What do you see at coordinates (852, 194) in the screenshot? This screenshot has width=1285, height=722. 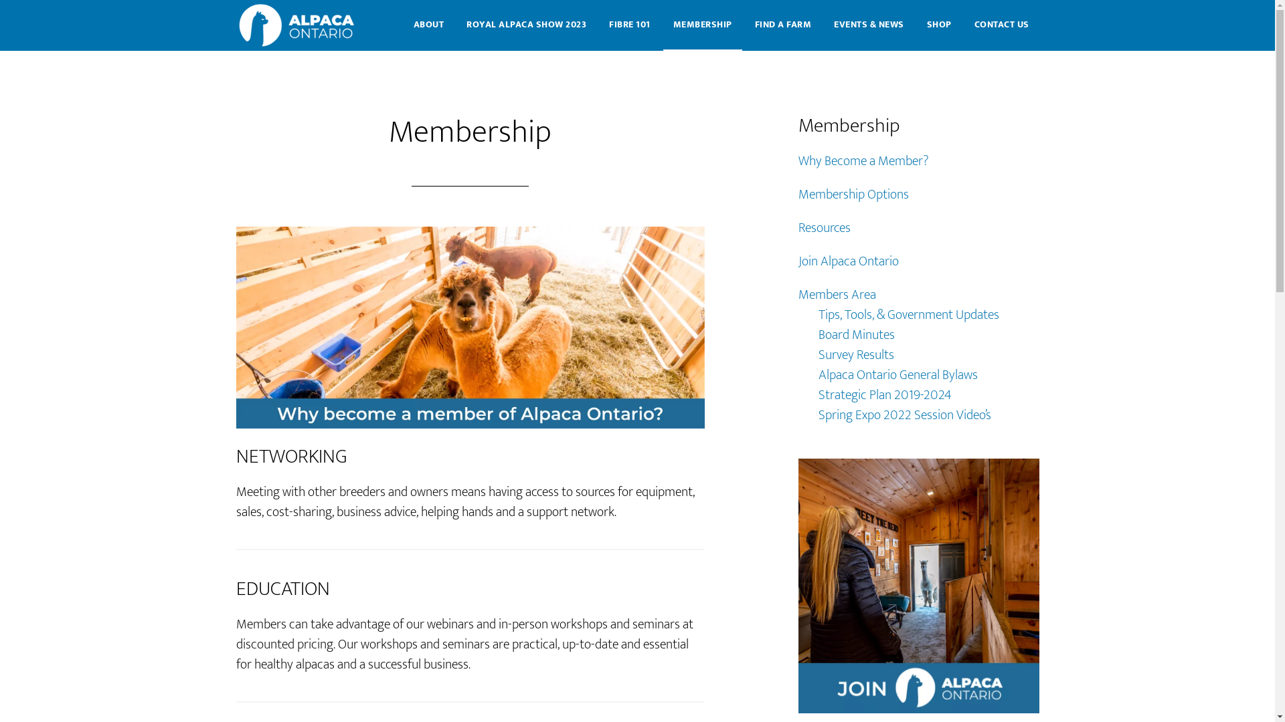 I see `'Membership Options'` at bounding box center [852, 194].